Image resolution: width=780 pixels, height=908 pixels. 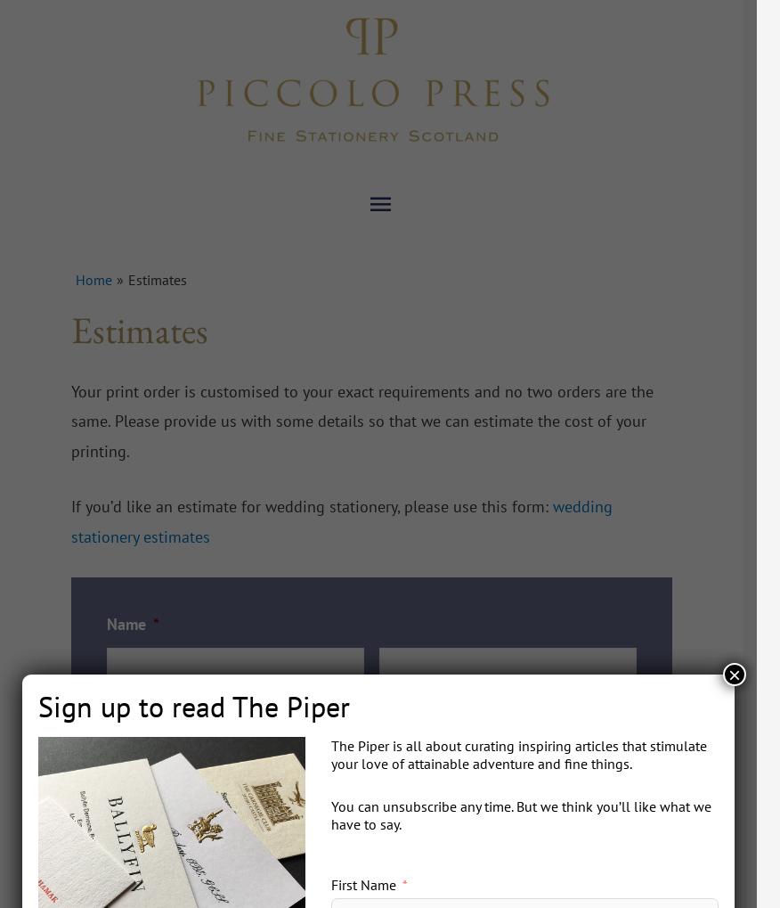 What do you see at coordinates (362, 420) in the screenshot?
I see `'Your print order is customised to your exact requirements and no two orders are the same. Please provide us with some details so that we can estimate the cost of your printing.'` at bounding box center [362, 420].